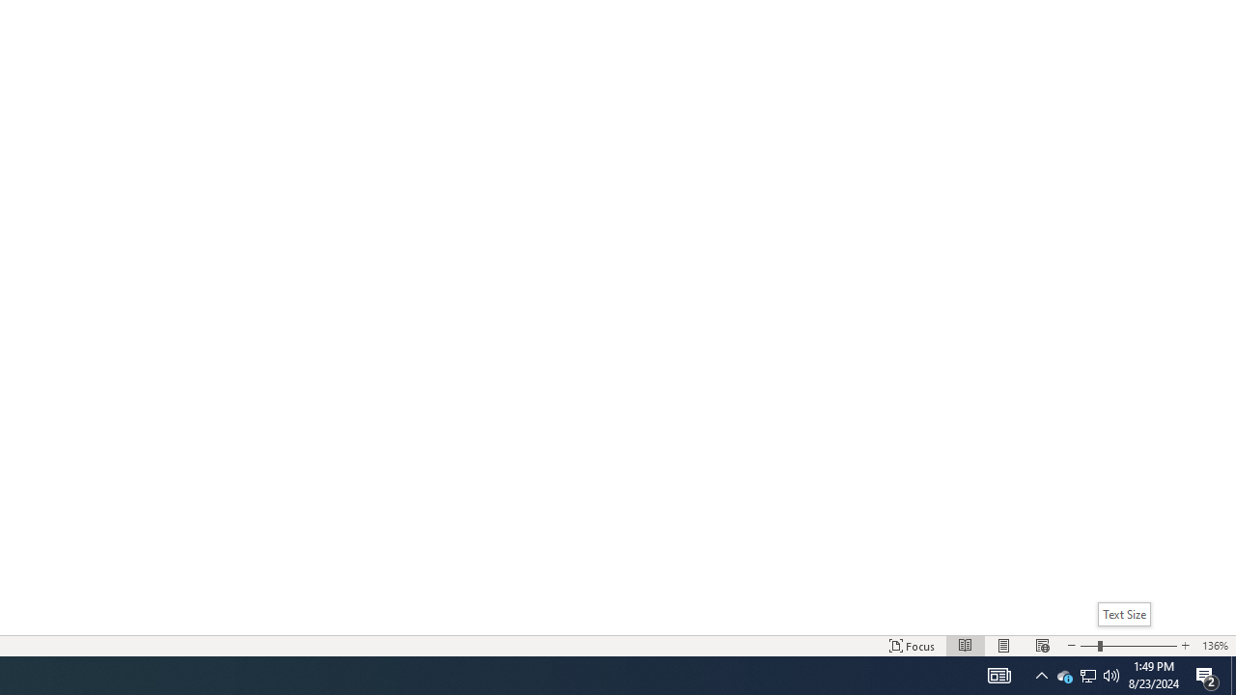  What do you see at coordinates (1070, 646) in the screenshot?
I see `'Decrease Text Size'` at bounding box center [1070, 646].